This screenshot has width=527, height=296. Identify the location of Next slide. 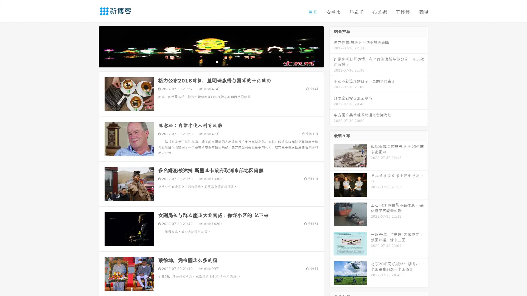
(332, 46).